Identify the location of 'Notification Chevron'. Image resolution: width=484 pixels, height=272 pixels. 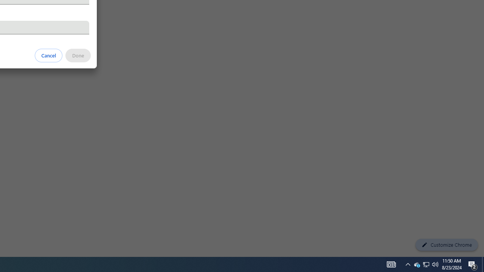
(408, 264).